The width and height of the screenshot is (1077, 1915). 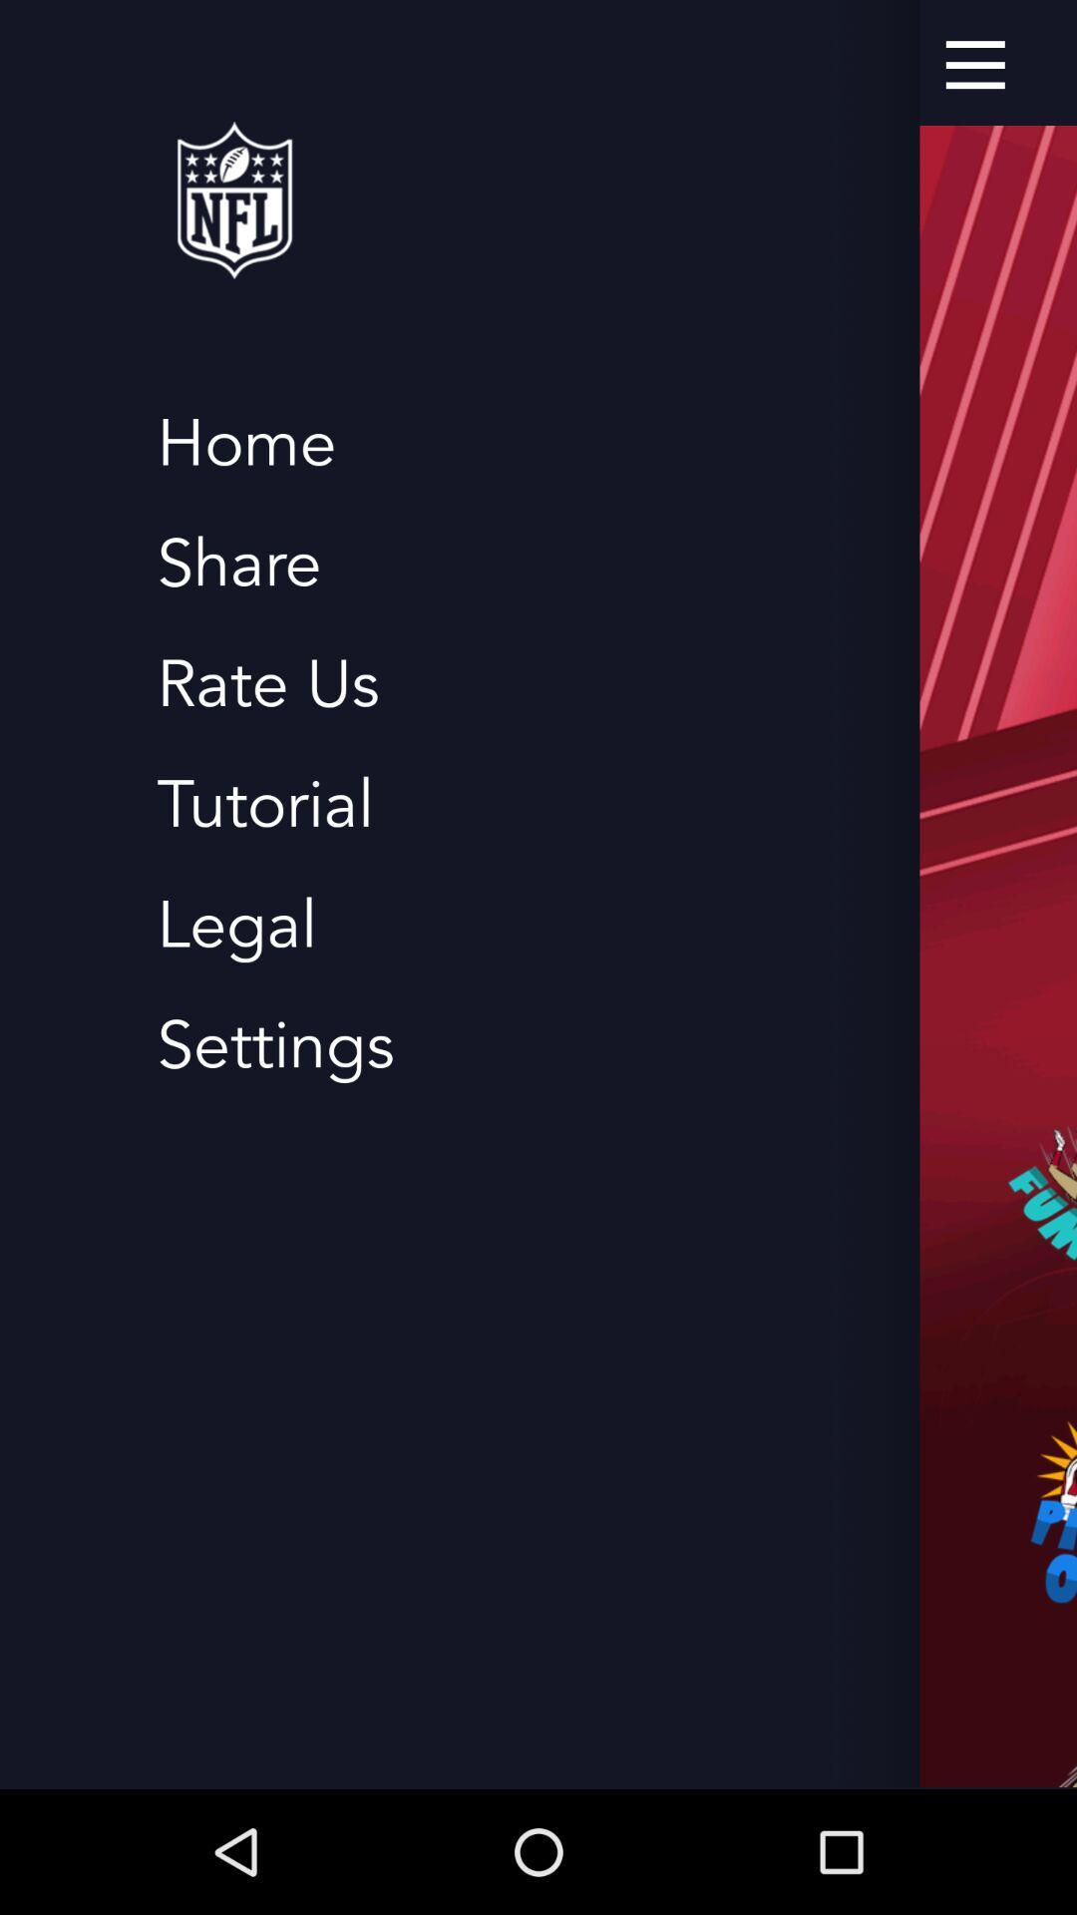 What do you see at coordinates (264, 805) in the screenshot?
I see `the tutorial` at bounding box center [264, 805].